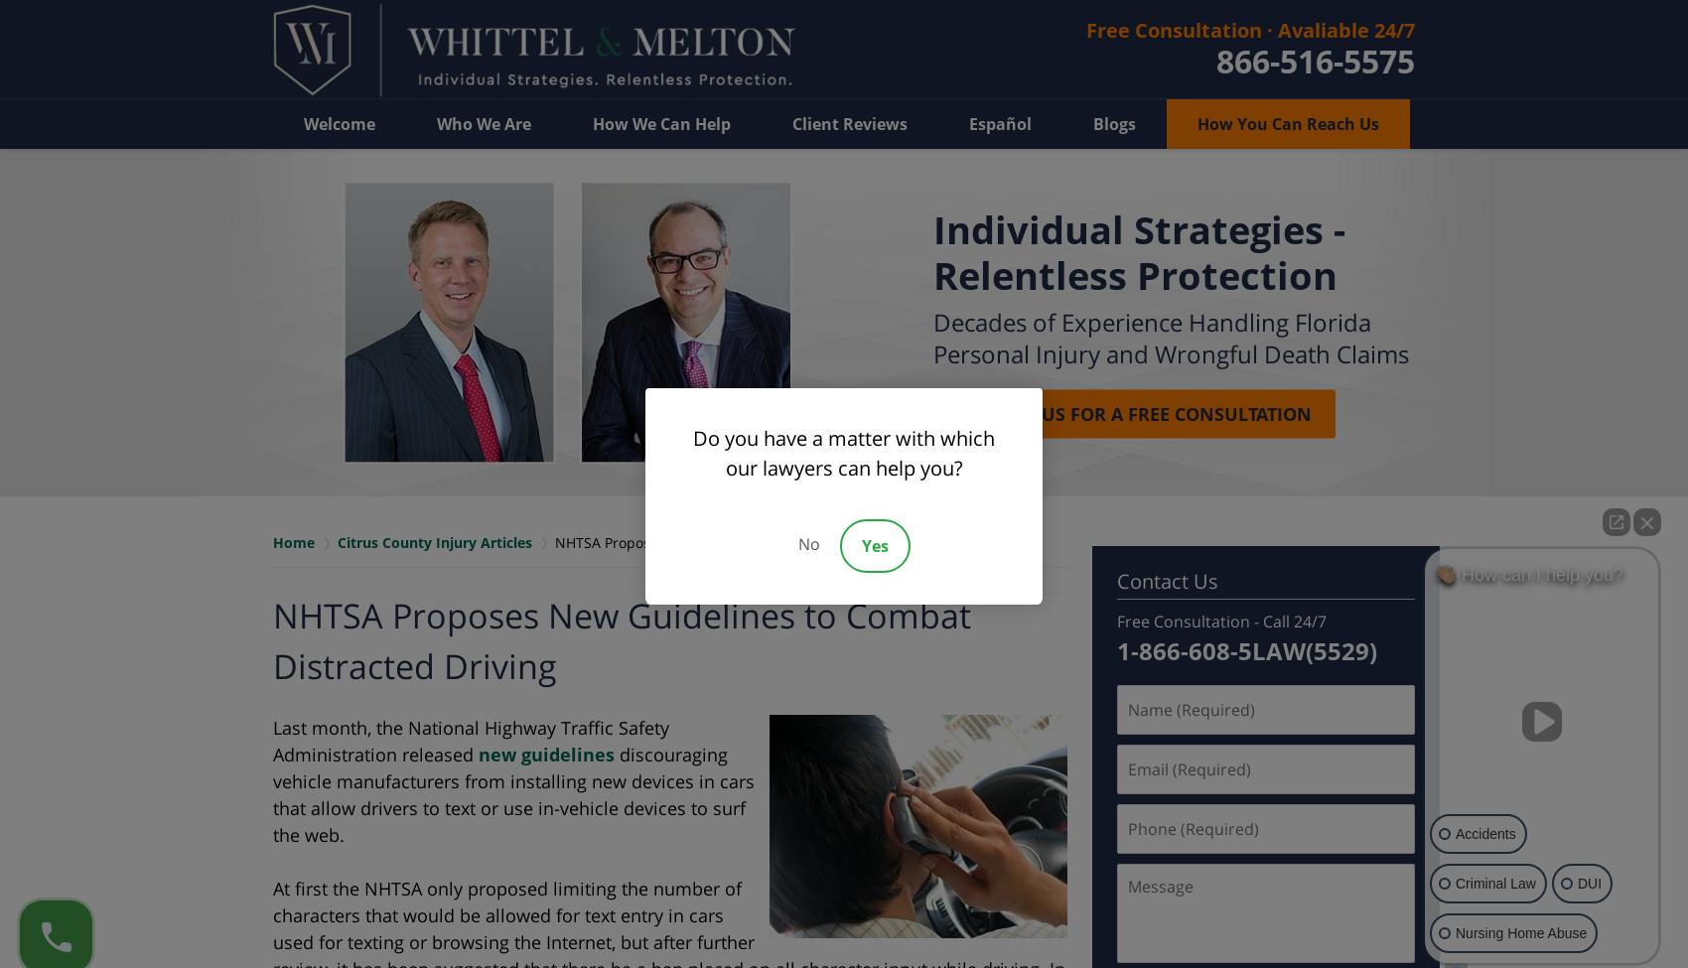  I want to click on 'Do you have a matter with which our lawyers can help you?', so click(844, 453).